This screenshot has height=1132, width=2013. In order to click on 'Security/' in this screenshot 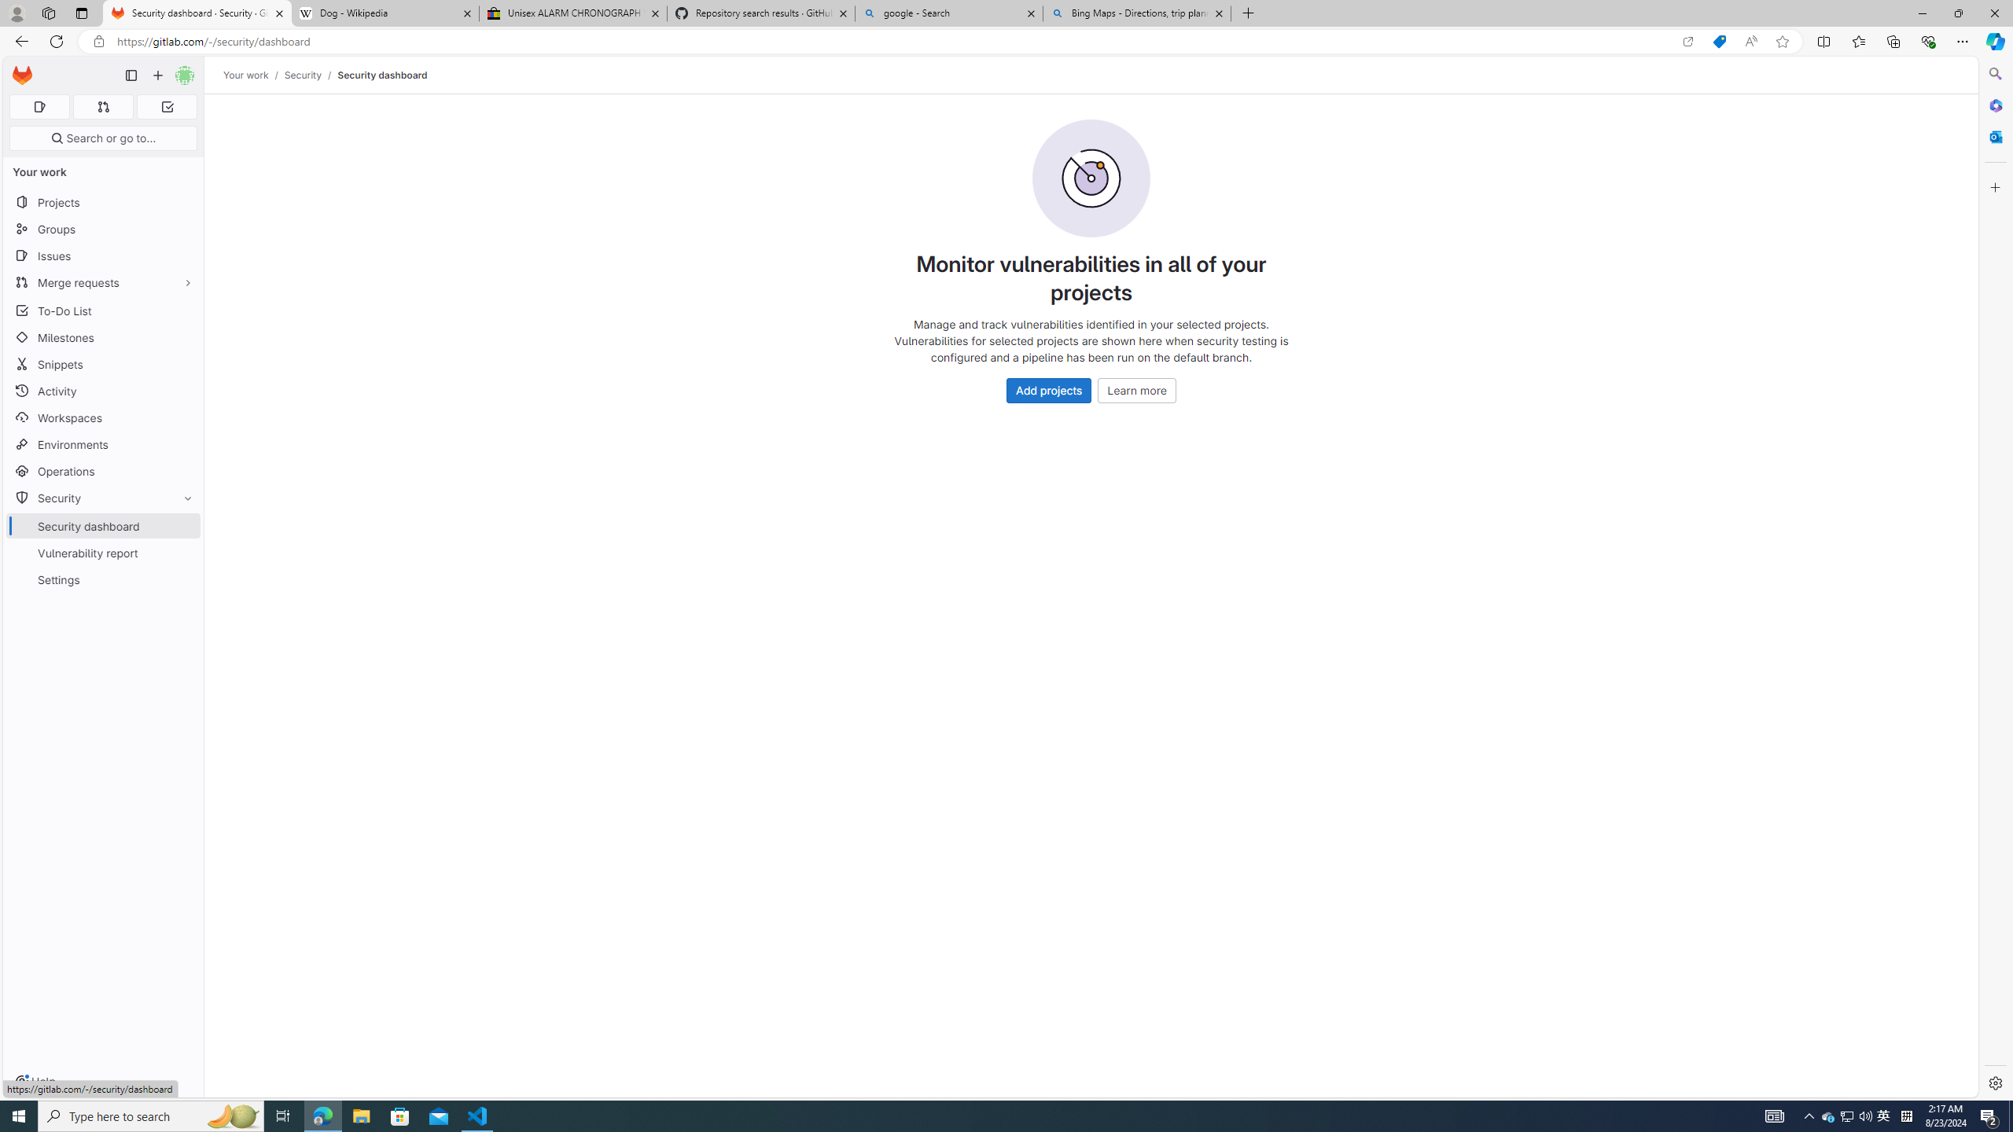, I will do `click(311, 75)`.